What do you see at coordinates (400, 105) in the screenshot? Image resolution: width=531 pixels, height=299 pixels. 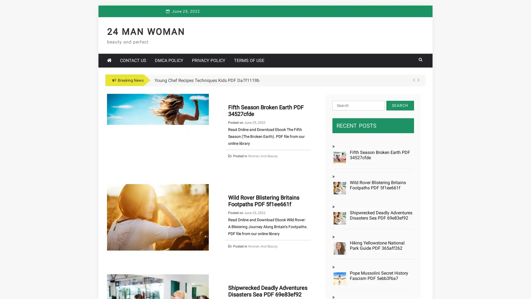 I see `Search` at bounding box center [400, 105].